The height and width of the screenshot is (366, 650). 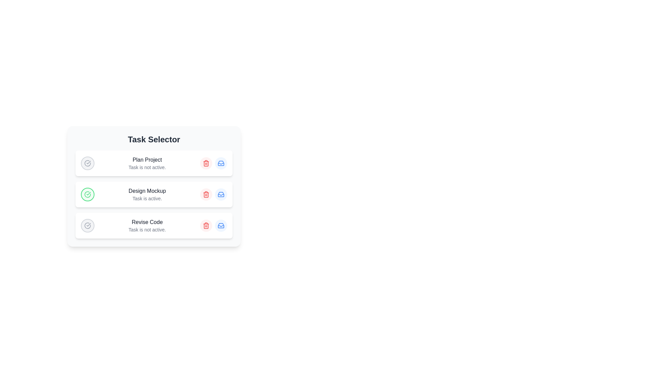 I want to click on the red trash can icon button, which is part of the 'Trash' action button group located to the right of the 'Revise Code' task description in the third row, so click(x=206, y=226).